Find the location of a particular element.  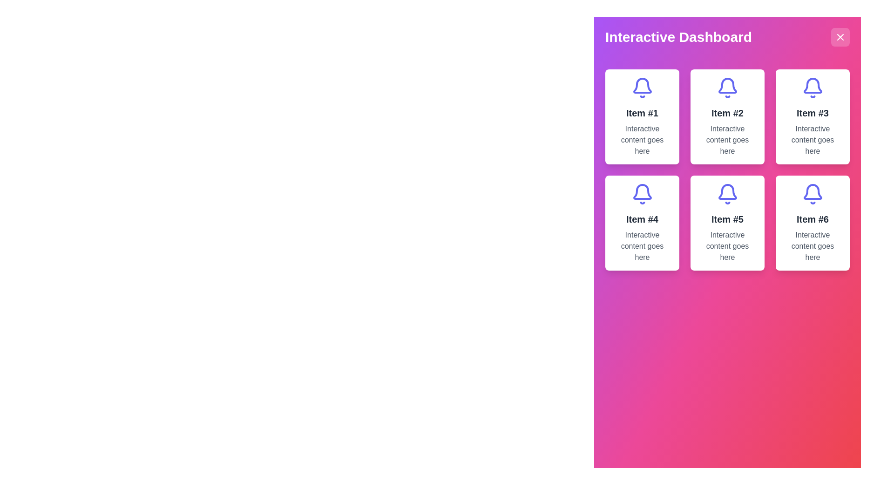

the bold, large-sized title text reading 'Interactive Dashboard' in white color, which is prominently displayed at the top of the interactive panel, to the left of the close button is located at coordinates (678, 37).